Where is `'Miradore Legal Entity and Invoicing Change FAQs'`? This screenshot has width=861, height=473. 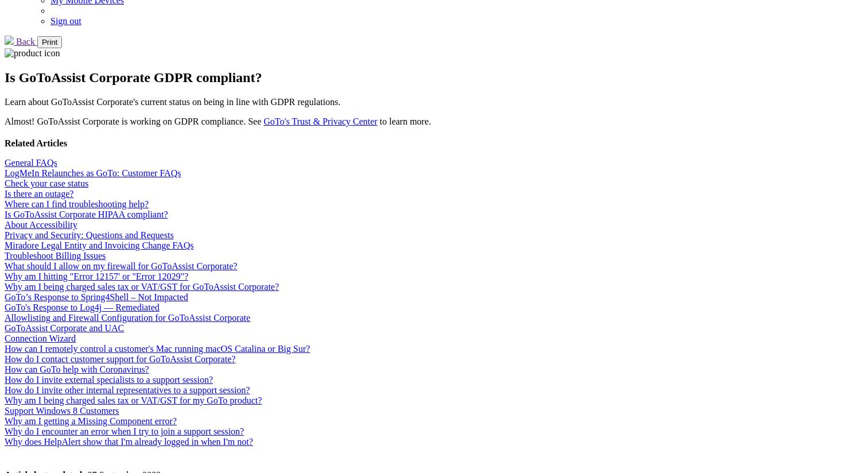 'Miradore Legal Entity and Invoicing Change FAQs' is located at coordinates (4, 244).